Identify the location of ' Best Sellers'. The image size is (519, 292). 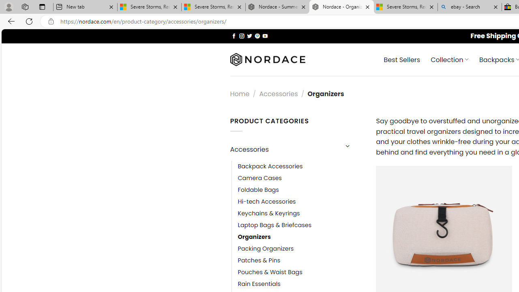
(402, 59).